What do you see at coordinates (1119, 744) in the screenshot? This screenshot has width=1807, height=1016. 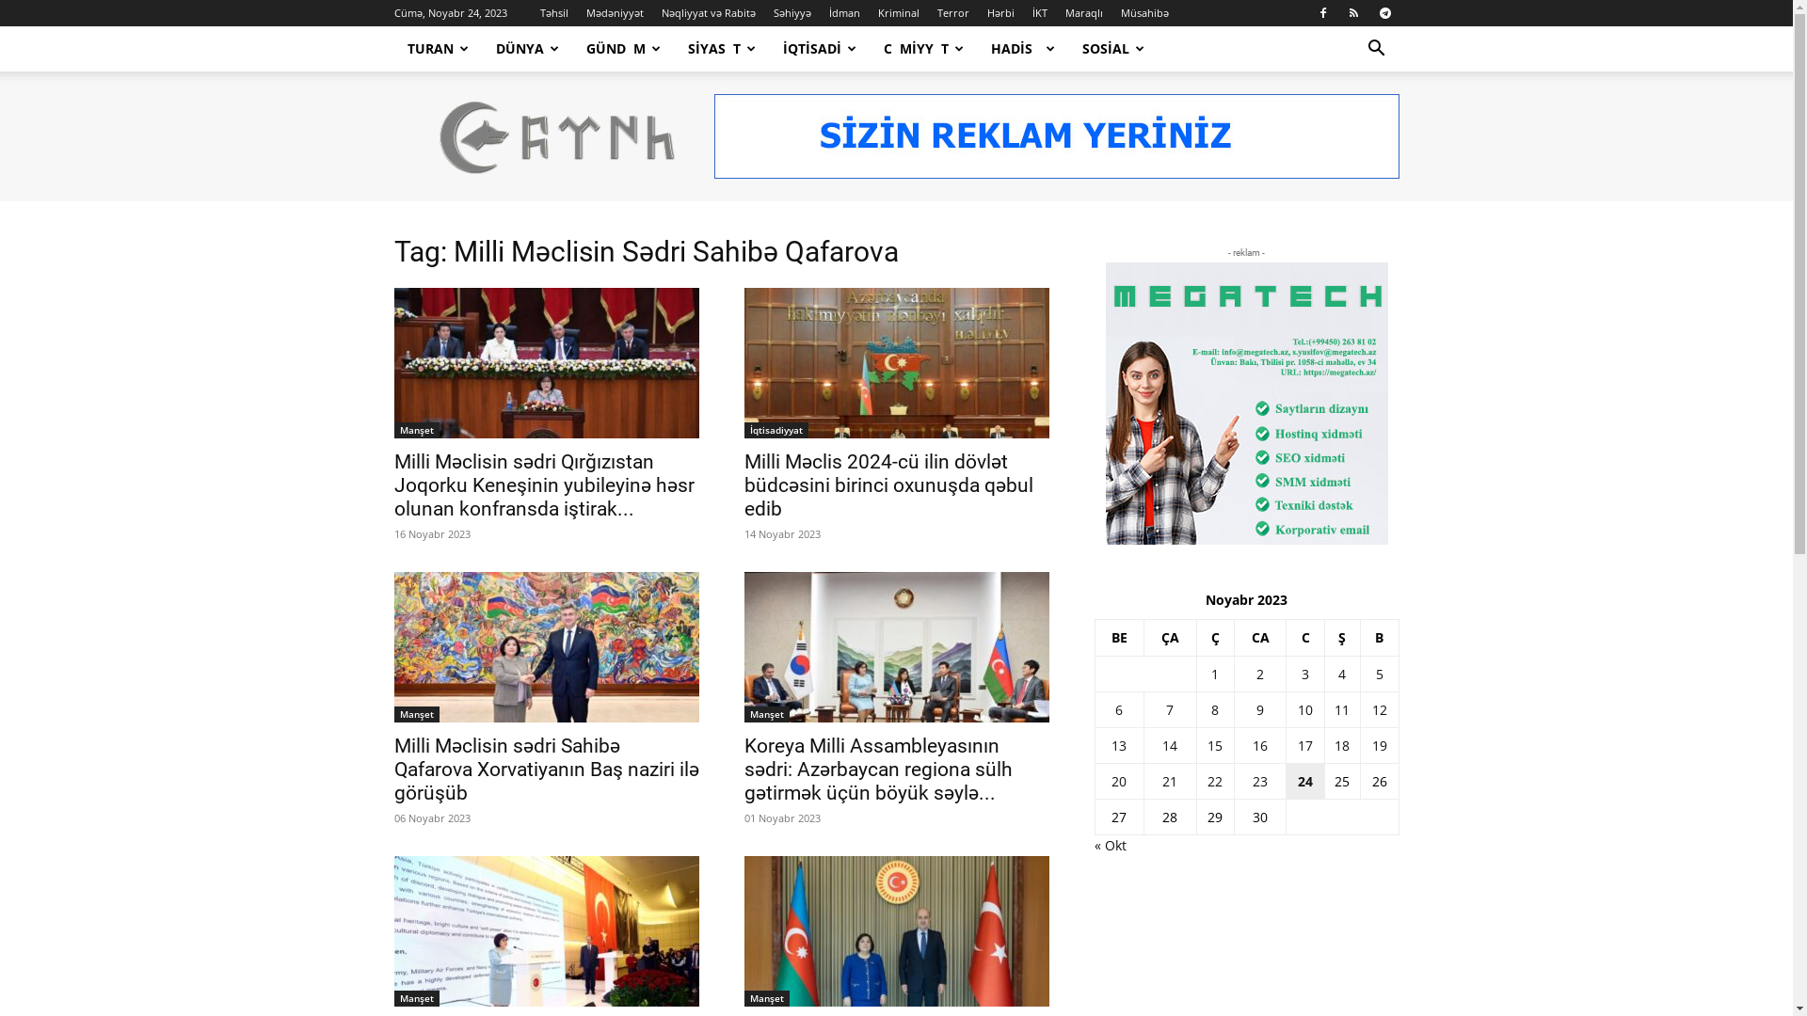 I see `'13'` at bounding box center [1119, 744].